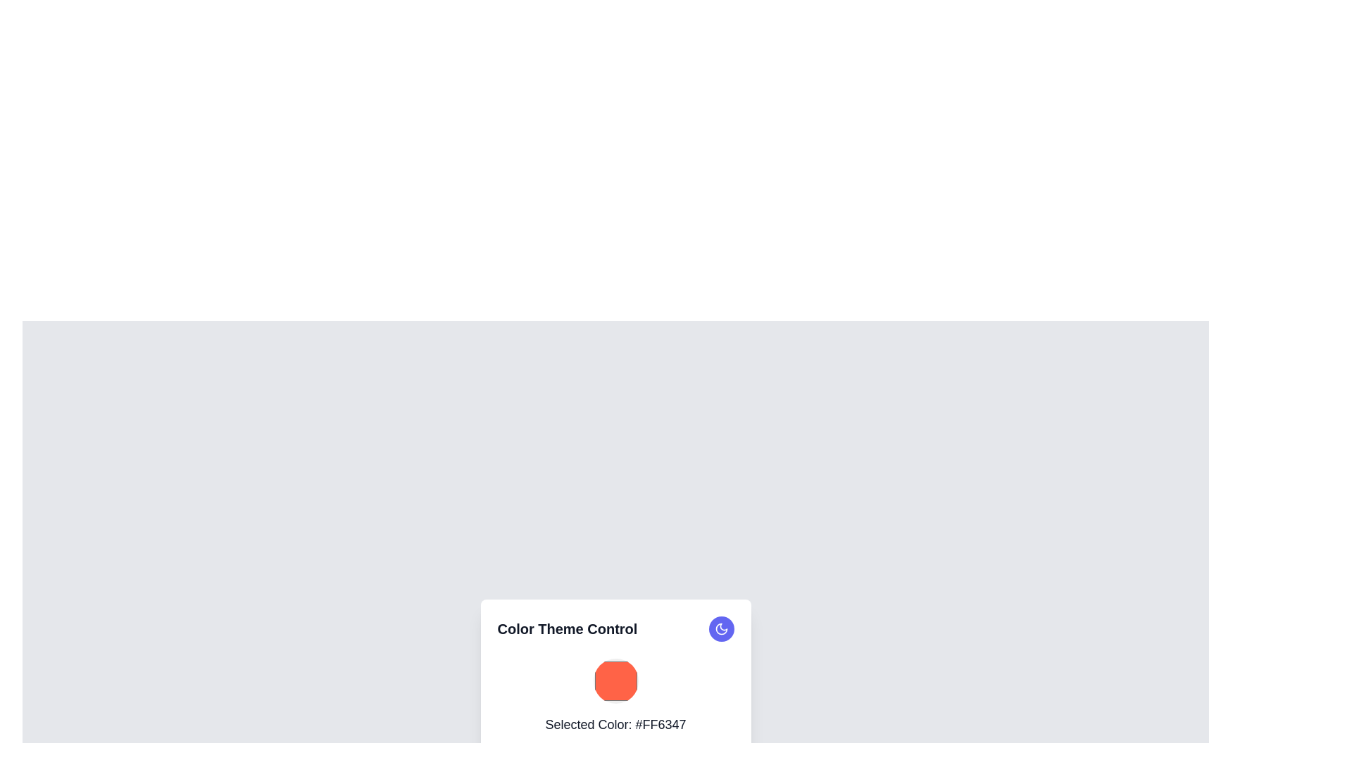  I want to click on the text label displaying 'Selected Color: #FF6347', located below the circular color preview icon and above the 'Apply Color Theme' button, so click(615, 697).